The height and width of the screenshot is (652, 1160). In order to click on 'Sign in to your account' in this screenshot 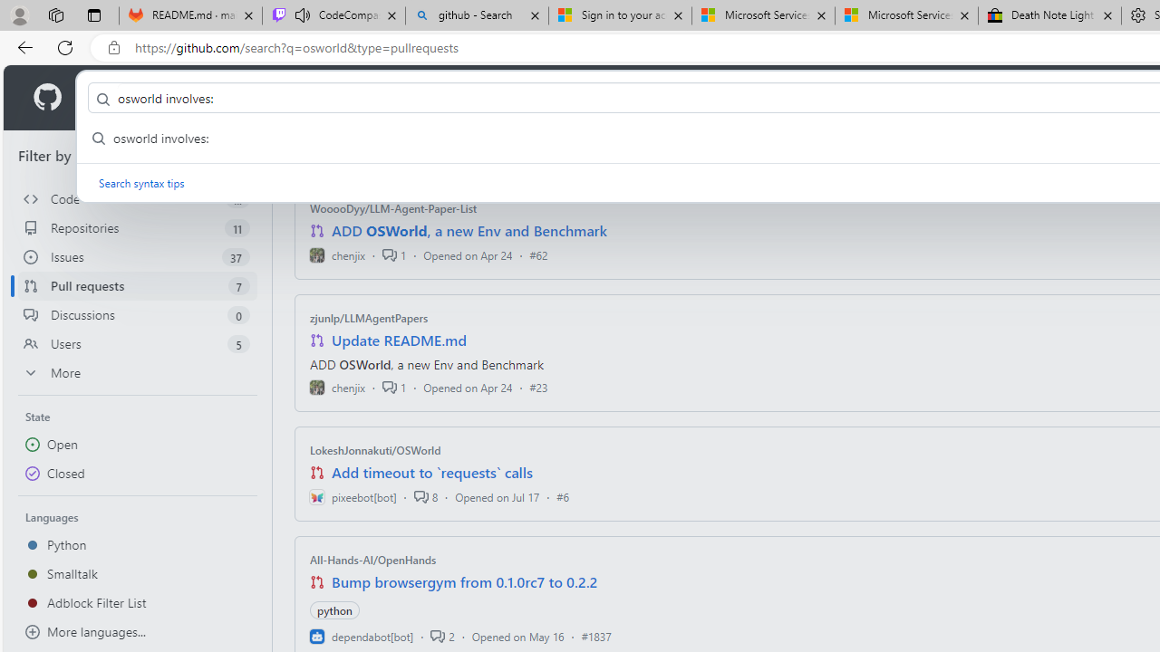, I will do `click(620, 15)`.